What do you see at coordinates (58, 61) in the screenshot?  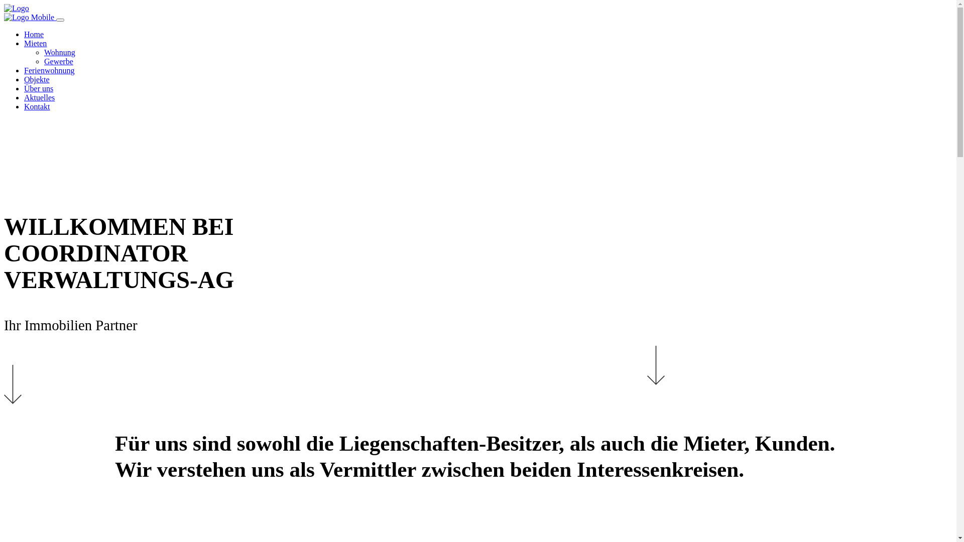 I see `'Gewerbe'` at bounding box center [58, 61].